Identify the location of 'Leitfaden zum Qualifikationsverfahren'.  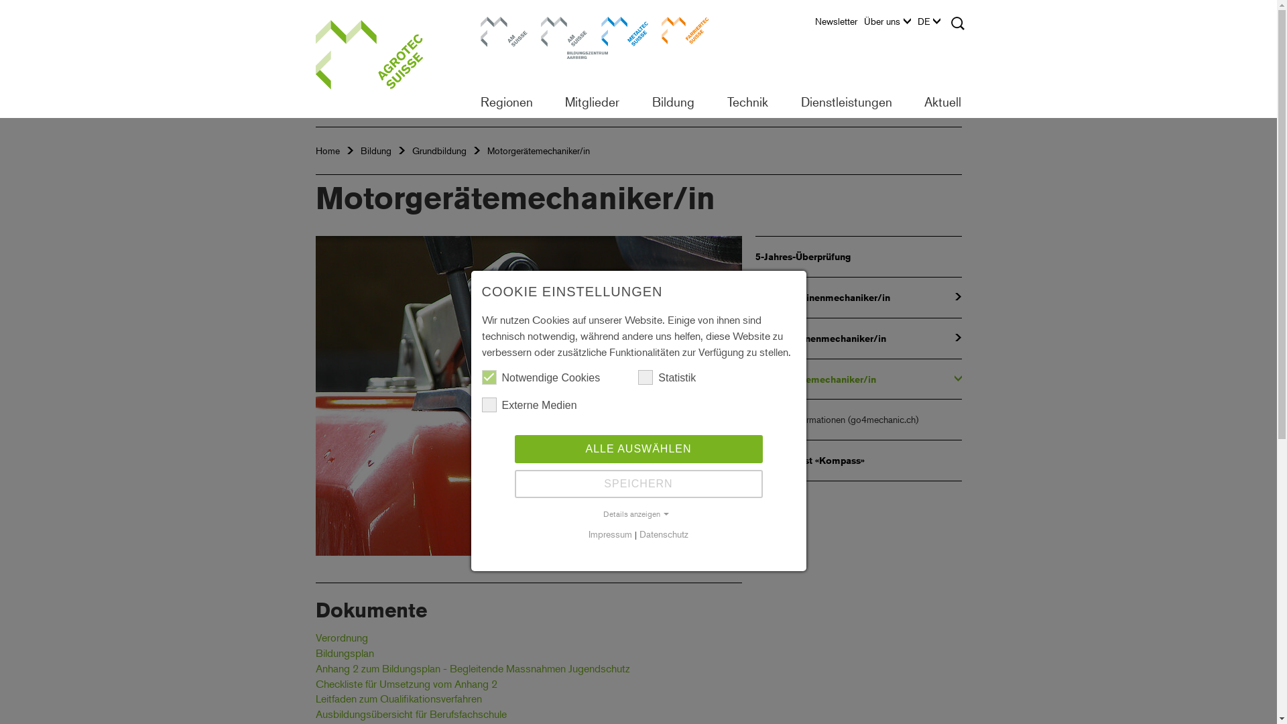
(397, 697).